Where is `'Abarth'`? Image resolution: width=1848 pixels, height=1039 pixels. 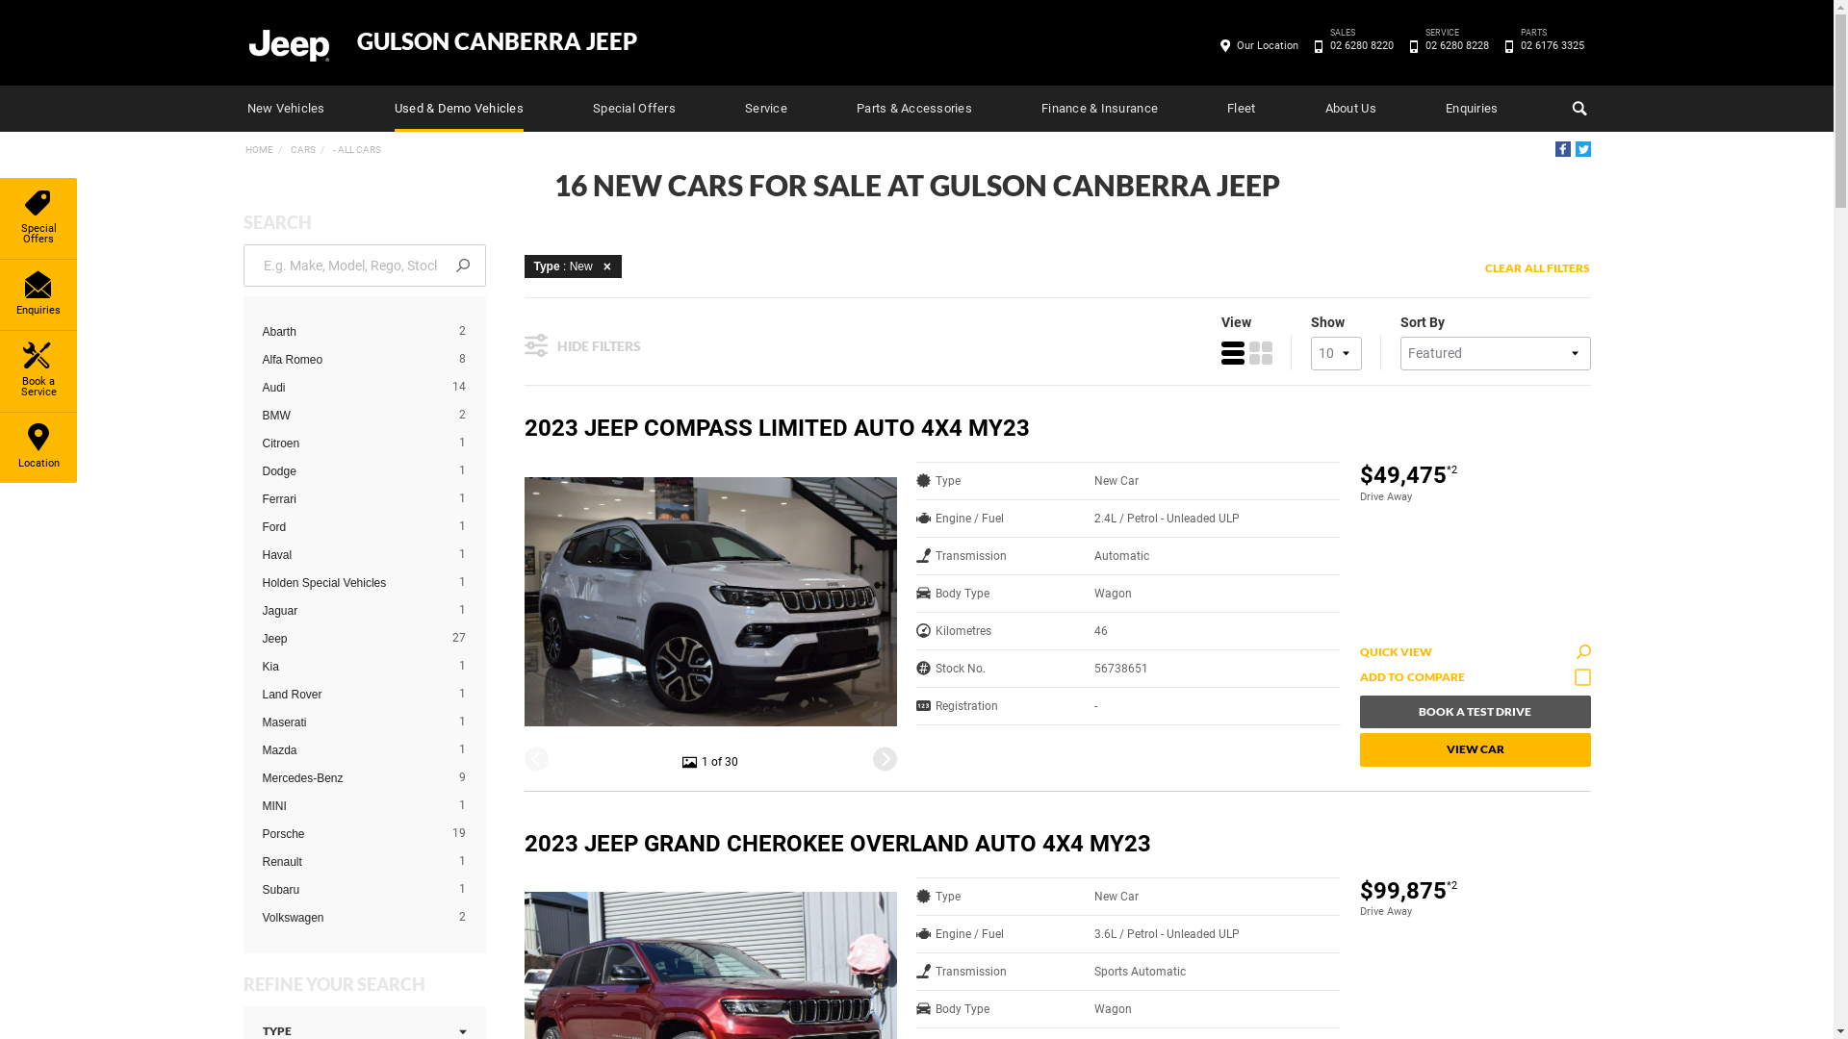 'Abarth' is located at coordinates (349, 330).